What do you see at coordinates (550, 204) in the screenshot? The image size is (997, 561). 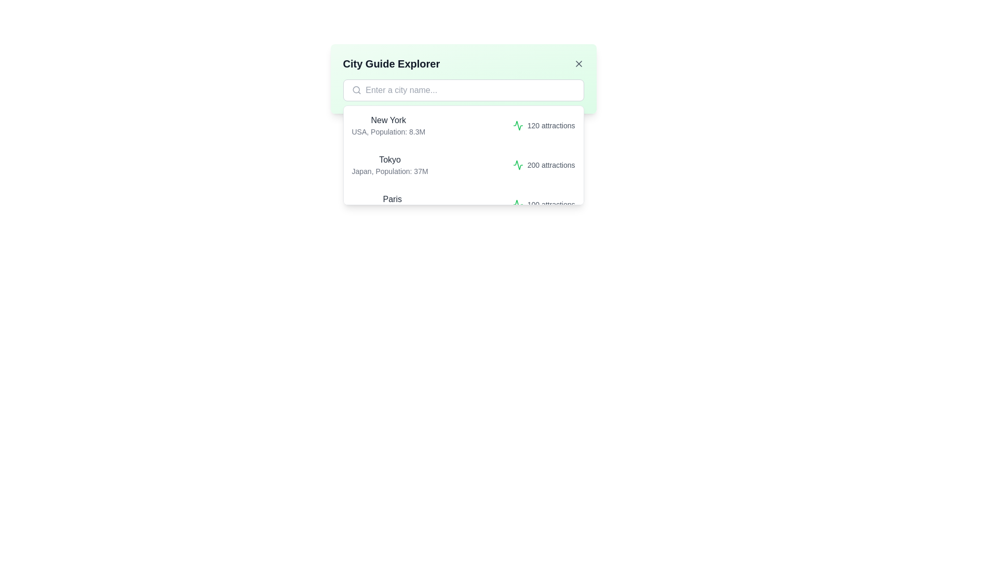 I see `information provided by the text label indicating the total number of attractions available in the city 'Paris', which is located at the far right of the dropdown menu item associated with 'Paris'` at bounding box center [550, 204].